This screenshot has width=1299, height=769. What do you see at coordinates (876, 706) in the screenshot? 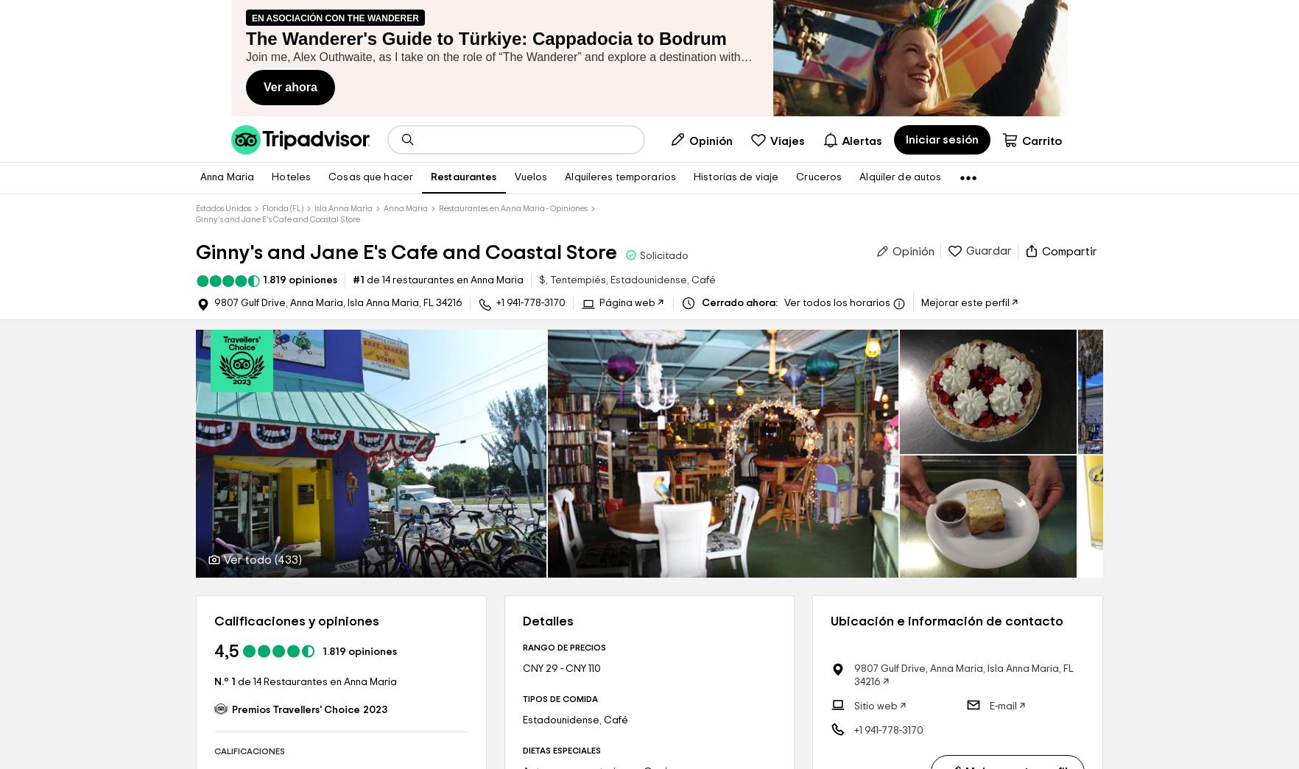
I see `'Sitio web'` at bounding box center [876, 706].